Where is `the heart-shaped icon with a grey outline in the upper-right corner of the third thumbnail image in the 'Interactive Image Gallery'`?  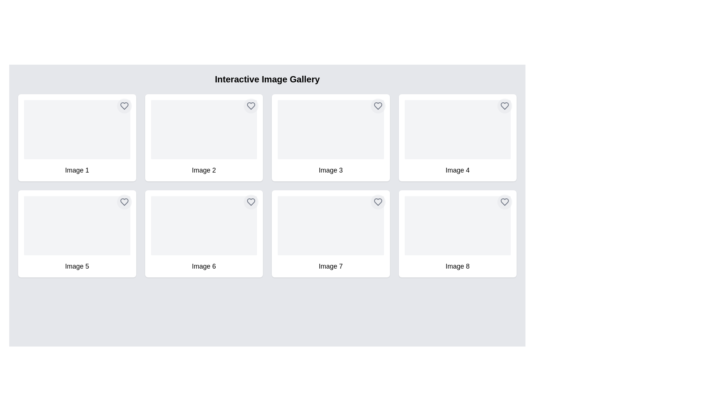 the heart-shaped icon with a grey outline in the upper-right corner of the third thumbnail image in the 'Interactive Image Gallery' is located at coordinates (378, 106).